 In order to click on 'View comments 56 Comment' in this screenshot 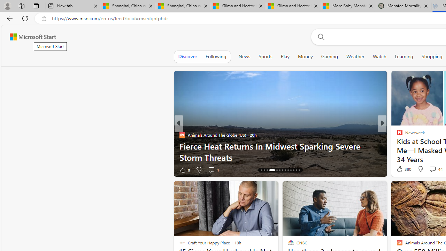, I will do `click(433, 169)`.